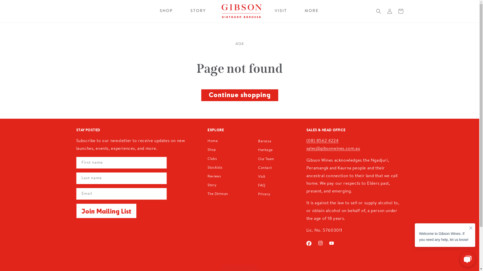 The image size is (483, 271). I want to click on 'Our Team', so click(266, 159).